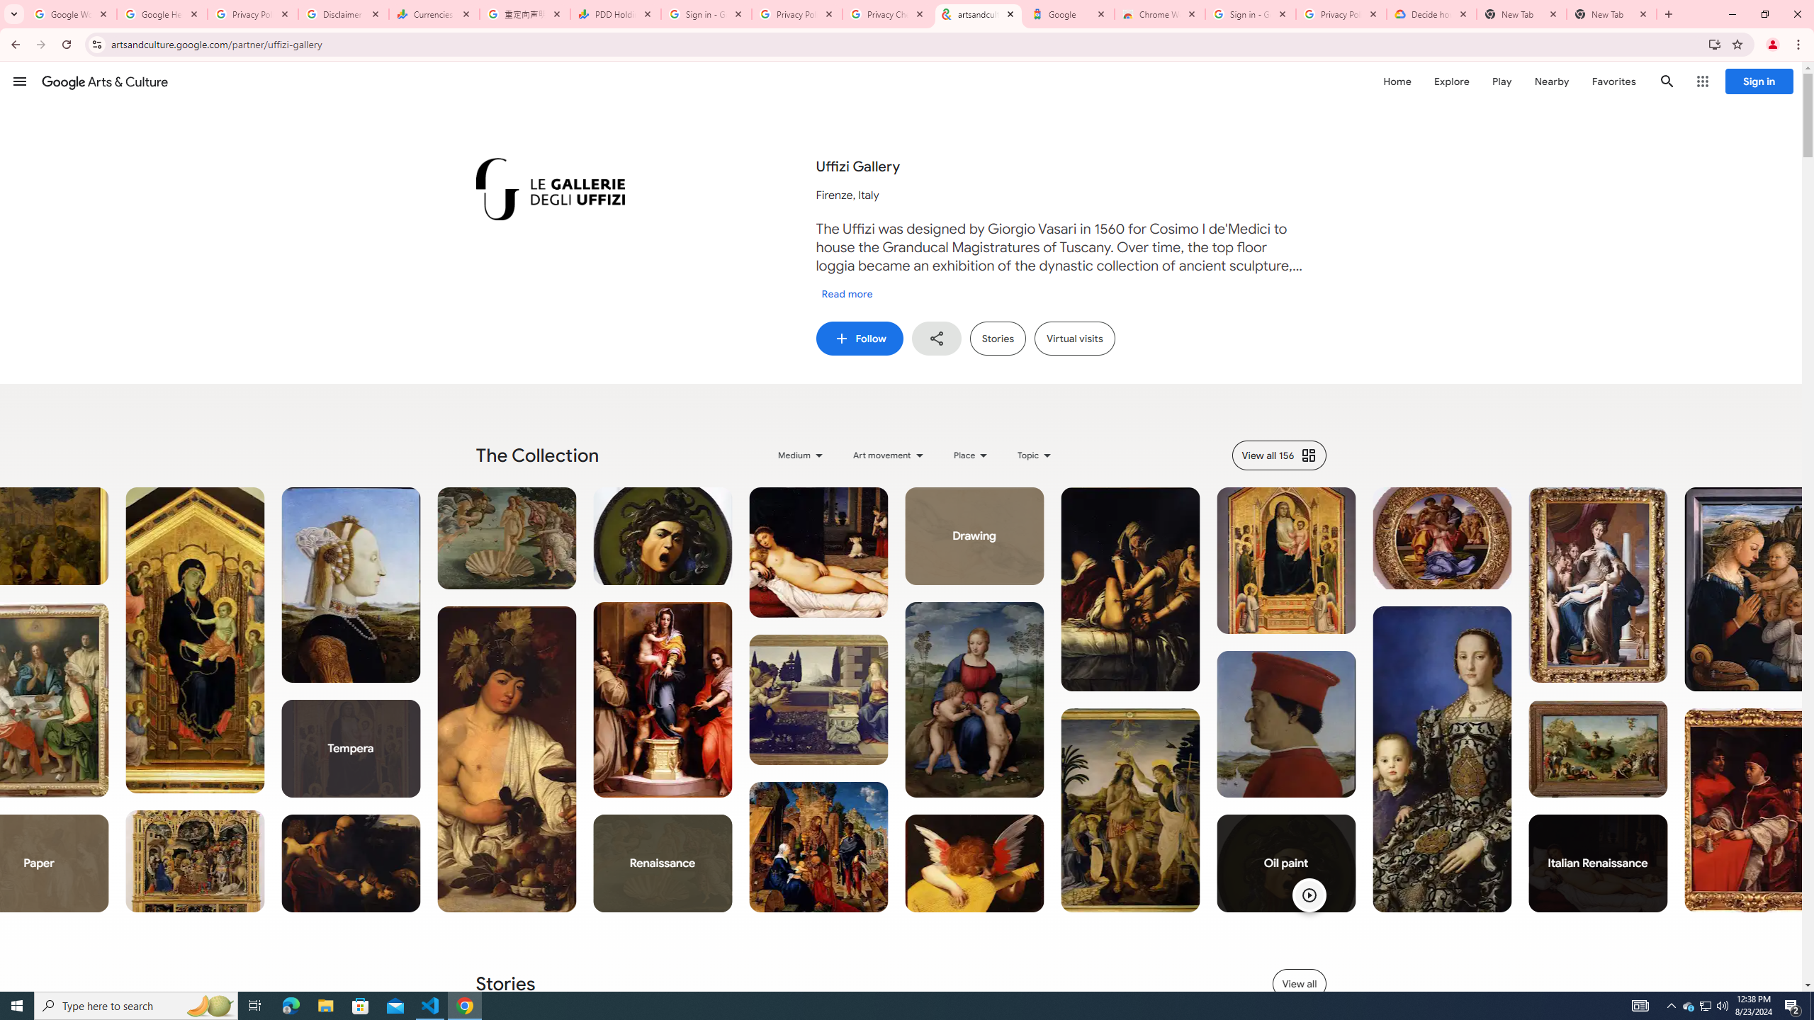 This screenshot has width=1814, height=1020. What do you see at coordinates (801, 455) in the screenshot?
I see `'Medium'` at bounding box center [801, 455].